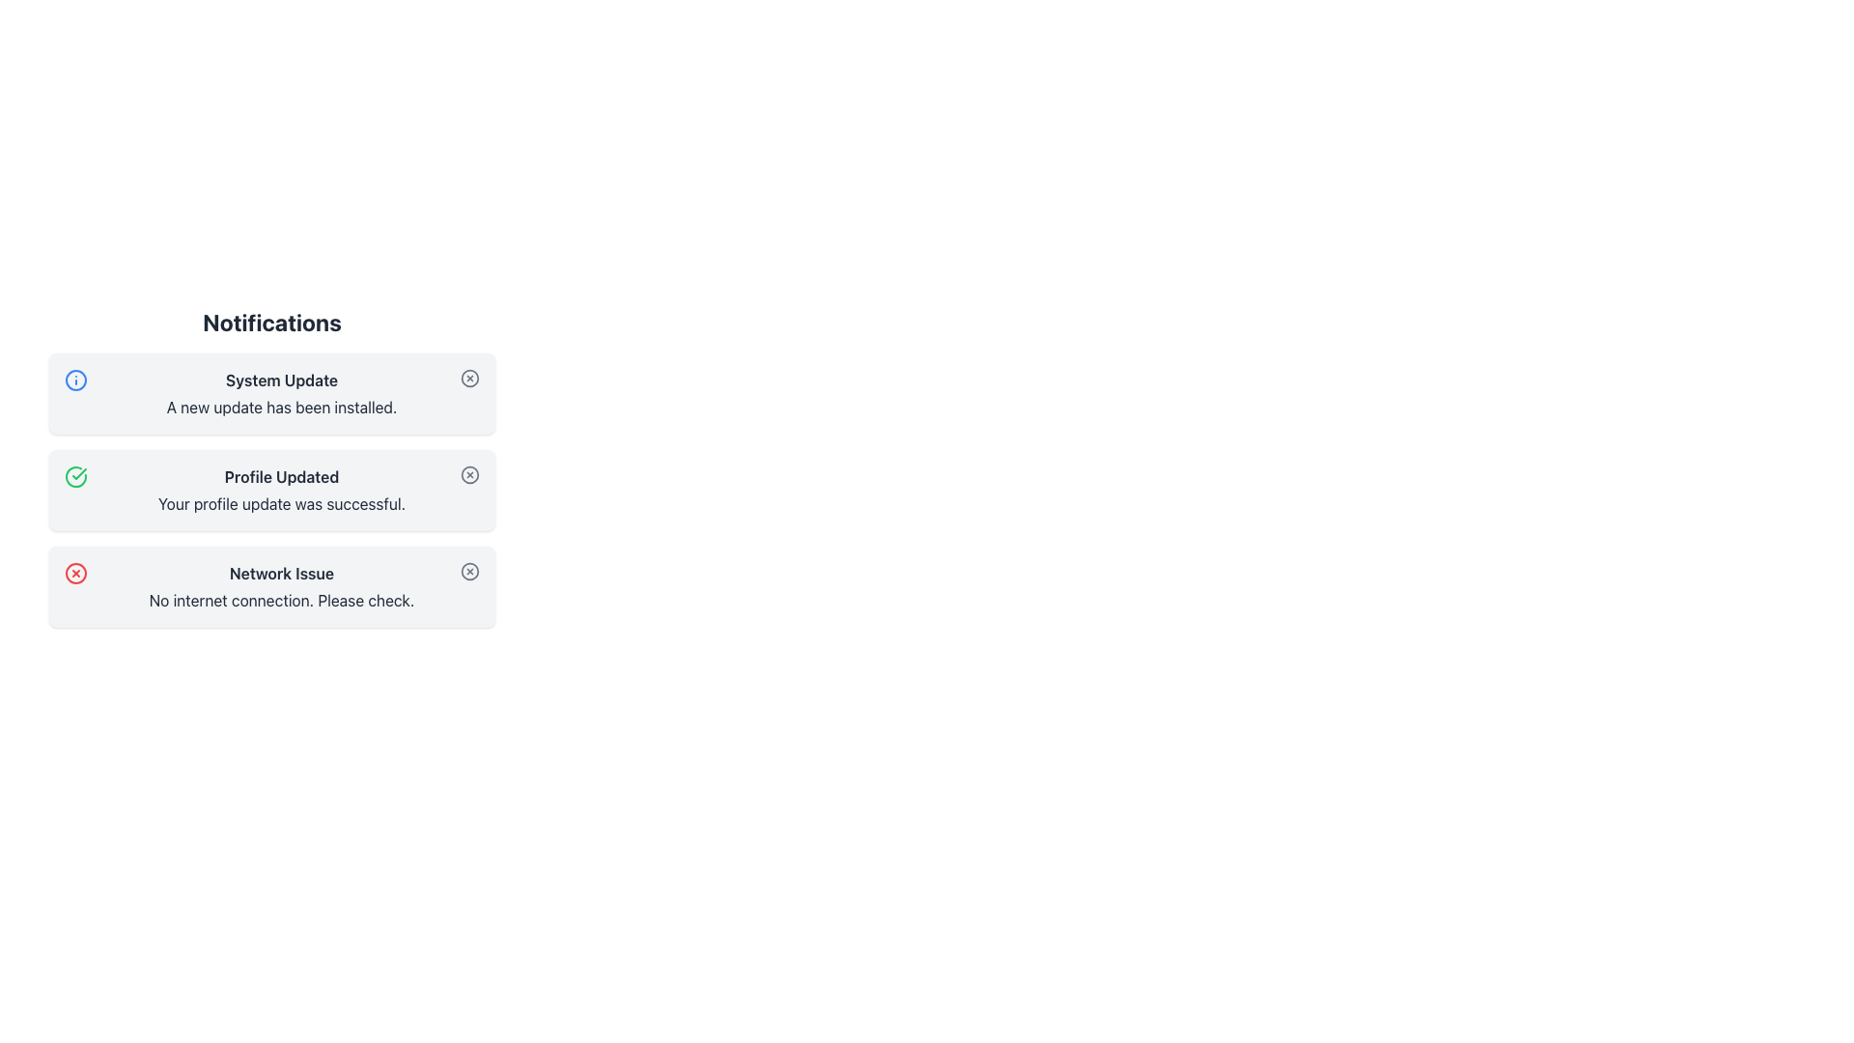 Image resolution: width=1854 pixels, height=1043 pixels. I want to click on the error icon in the 'Network Issue' notification block, which is a circular element located on the left side of the block, so click(75, 573).